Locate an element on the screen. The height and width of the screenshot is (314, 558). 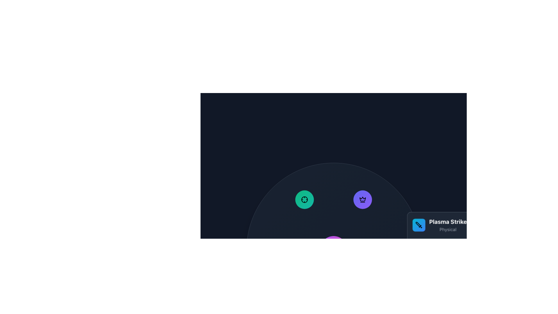
the tooltip or pop-up informational box that provides details about the 'Plasma Strike' action, which is characterized as 'Physical' and appears next to the associated circular button is located at coordinates (458, 250).